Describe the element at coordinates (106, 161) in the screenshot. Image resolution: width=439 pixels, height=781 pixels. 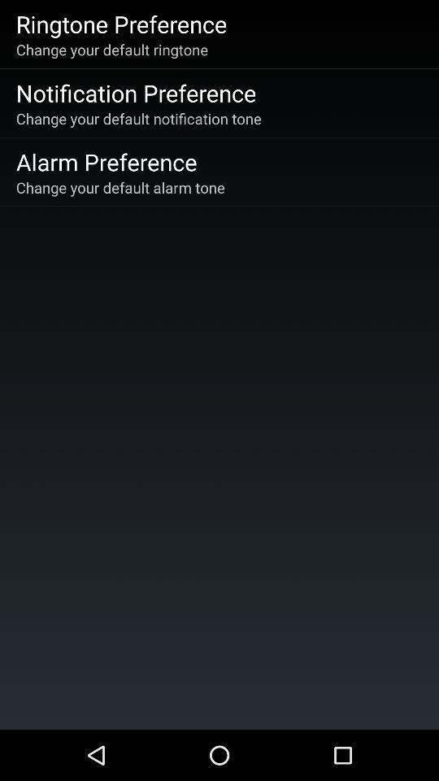
I see `item above change your default` at that location.